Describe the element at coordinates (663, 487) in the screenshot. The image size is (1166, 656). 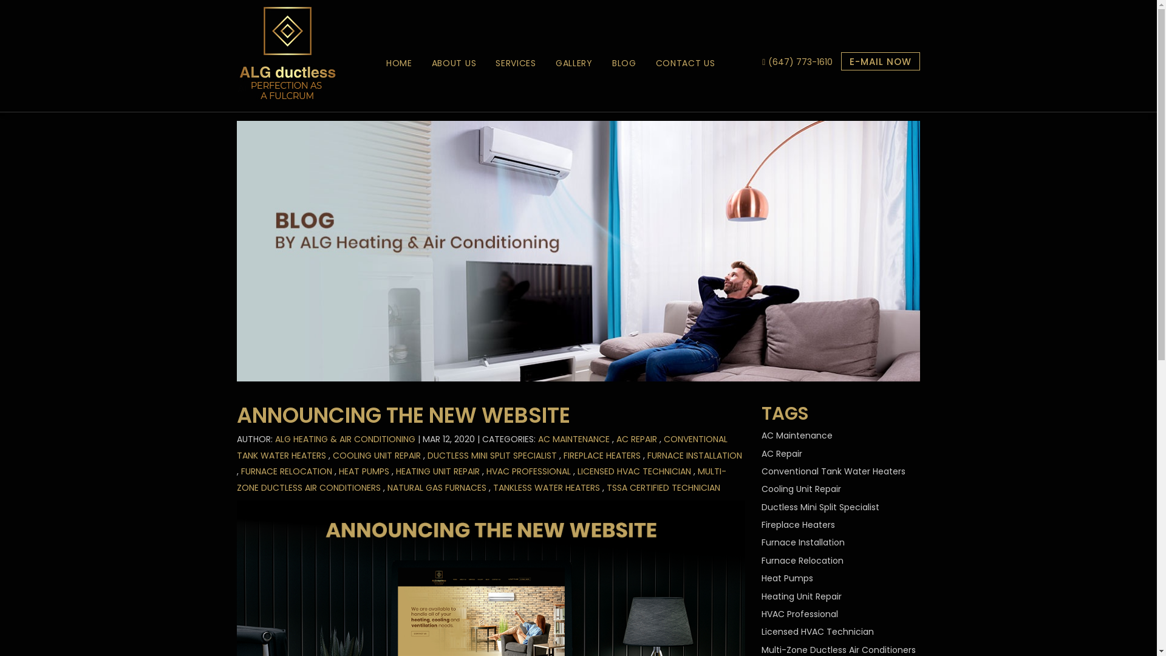
I see `'TSSA CERTIFIED TECHNICIAN'` at that location.